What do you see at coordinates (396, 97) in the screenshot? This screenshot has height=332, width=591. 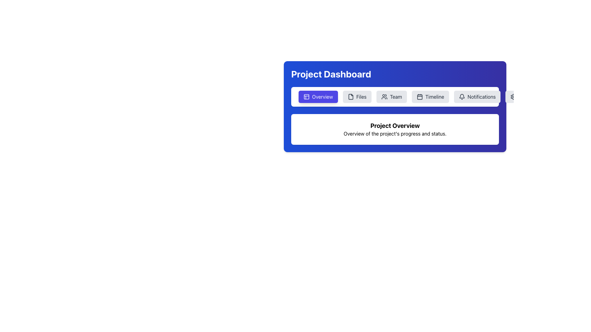 I see `the 'Team' text label within the navigation button` at bounding box center [396, 97].